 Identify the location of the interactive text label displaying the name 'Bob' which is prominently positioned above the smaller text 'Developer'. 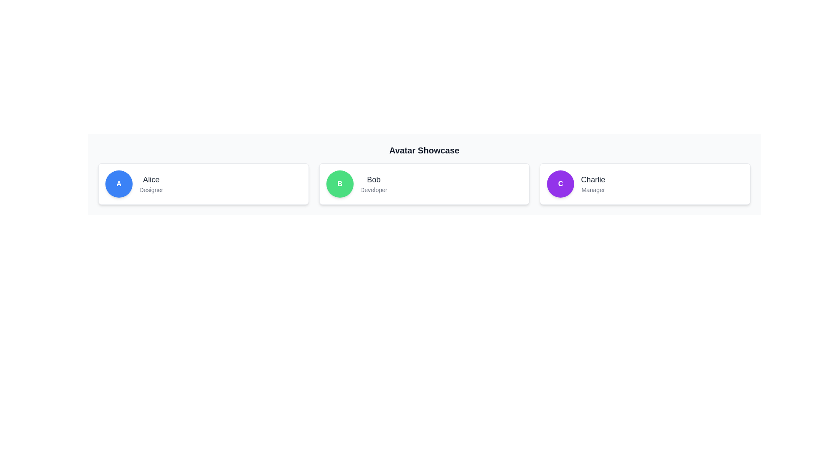
(374, 179).